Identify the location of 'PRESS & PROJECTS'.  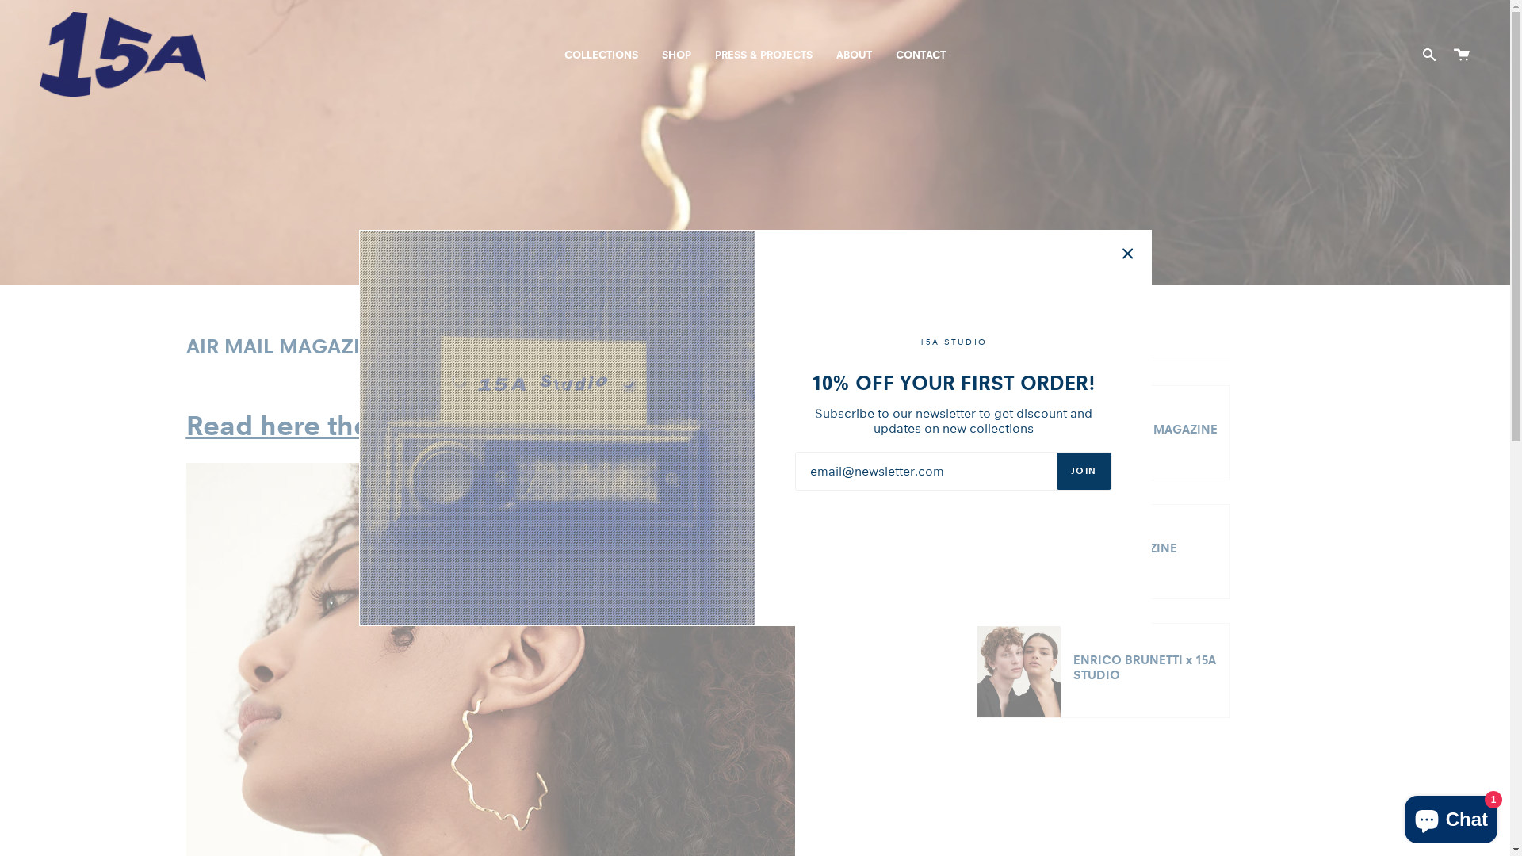
(702, 53).